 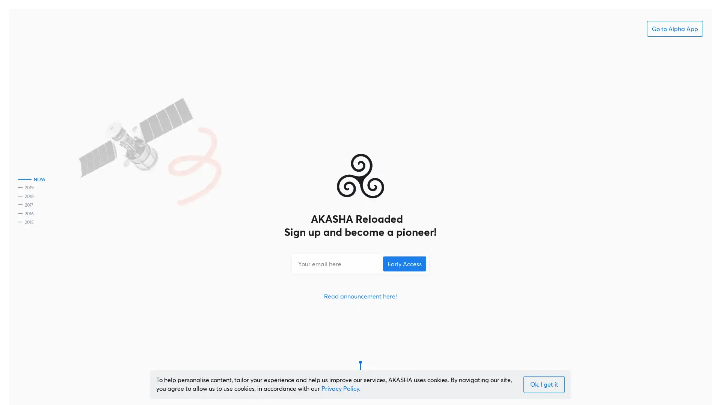 I want to click on 2016, so click(x=26, y=214).